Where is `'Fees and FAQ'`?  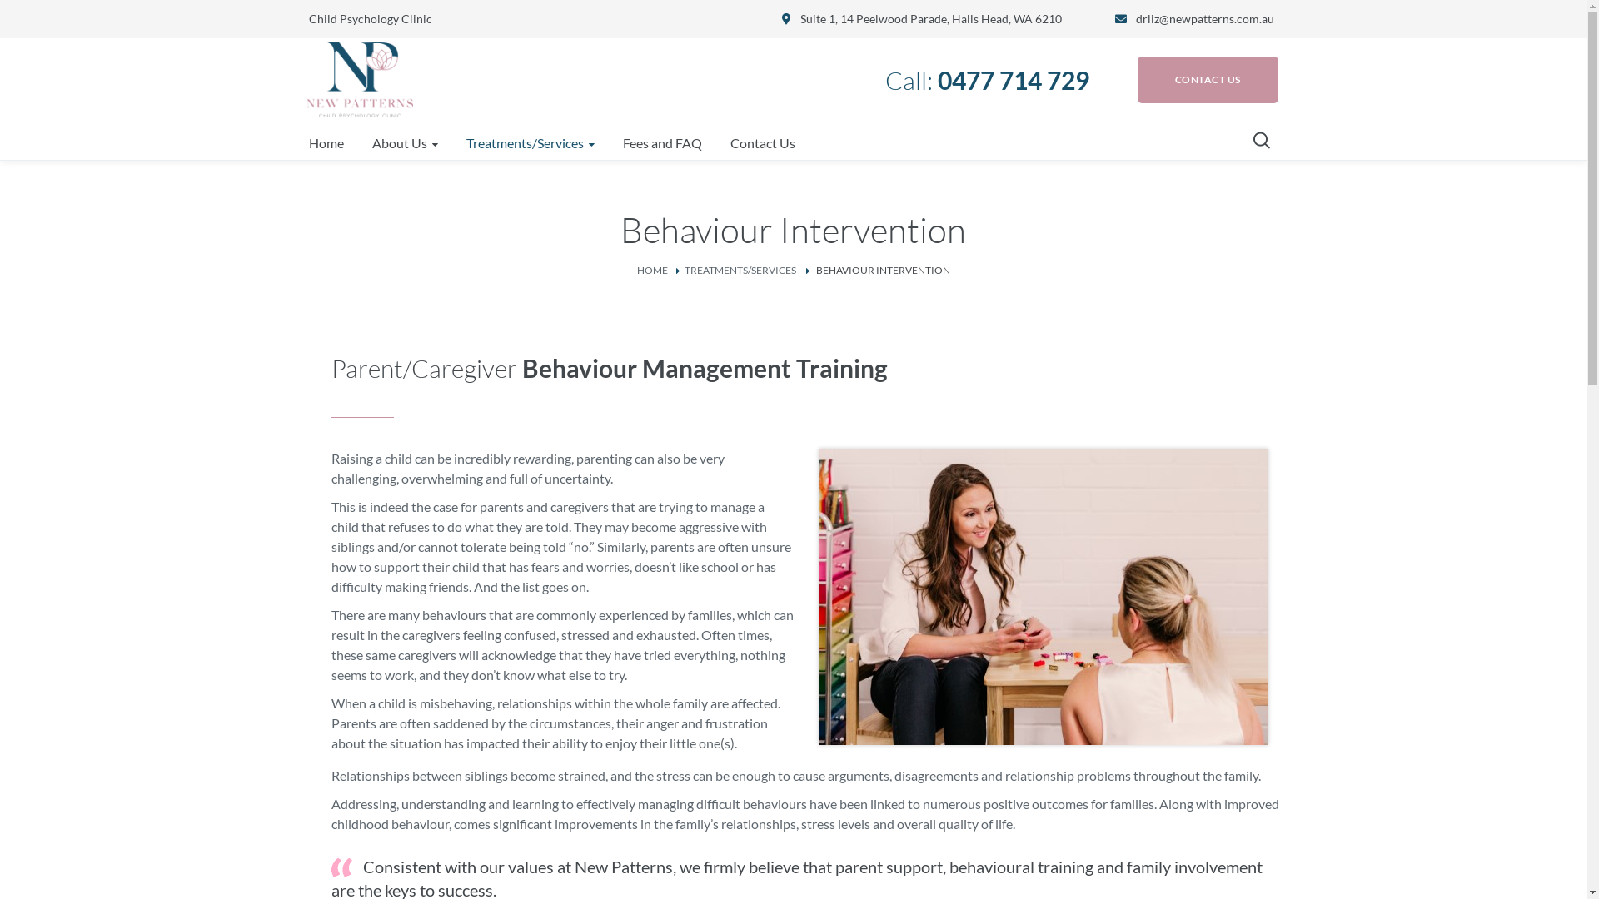 'Fees and FAQ' is located at coordinates (661, 142).